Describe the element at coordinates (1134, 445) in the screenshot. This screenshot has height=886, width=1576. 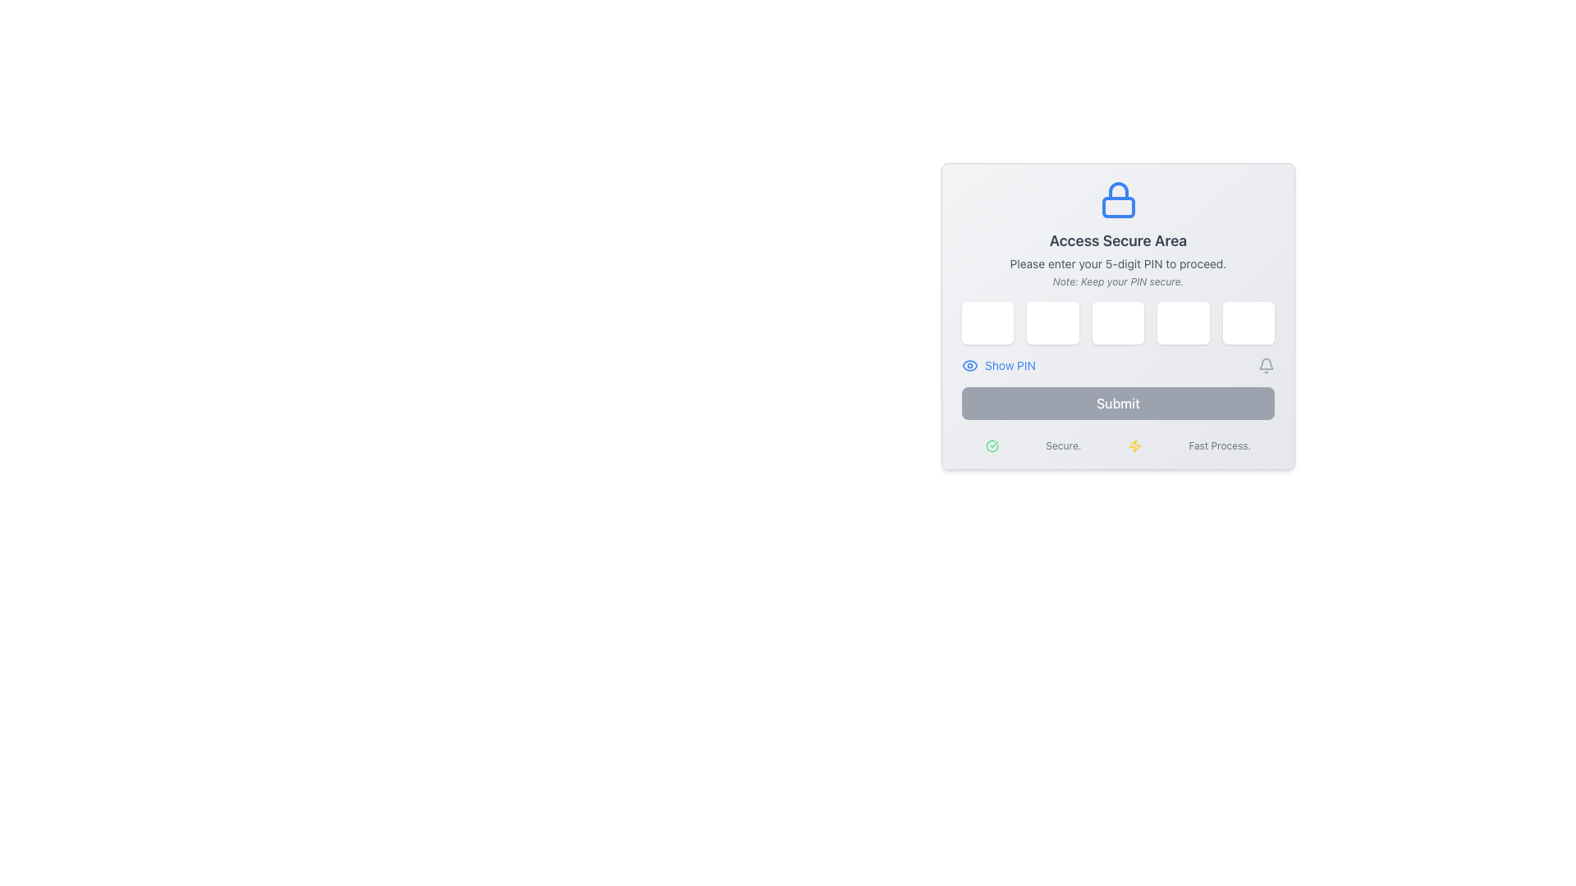
I see `the second icon from the left in the row of icons, located beneath the main input and 'Submit' button, to gather information about the 'Fast Process' functionality` at that location.